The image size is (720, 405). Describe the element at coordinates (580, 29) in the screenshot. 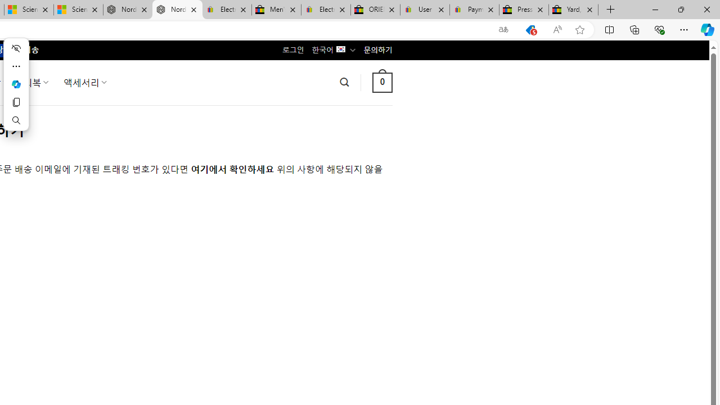

I see `'Add this page to favorites (Ctrl+D)'` at that location.